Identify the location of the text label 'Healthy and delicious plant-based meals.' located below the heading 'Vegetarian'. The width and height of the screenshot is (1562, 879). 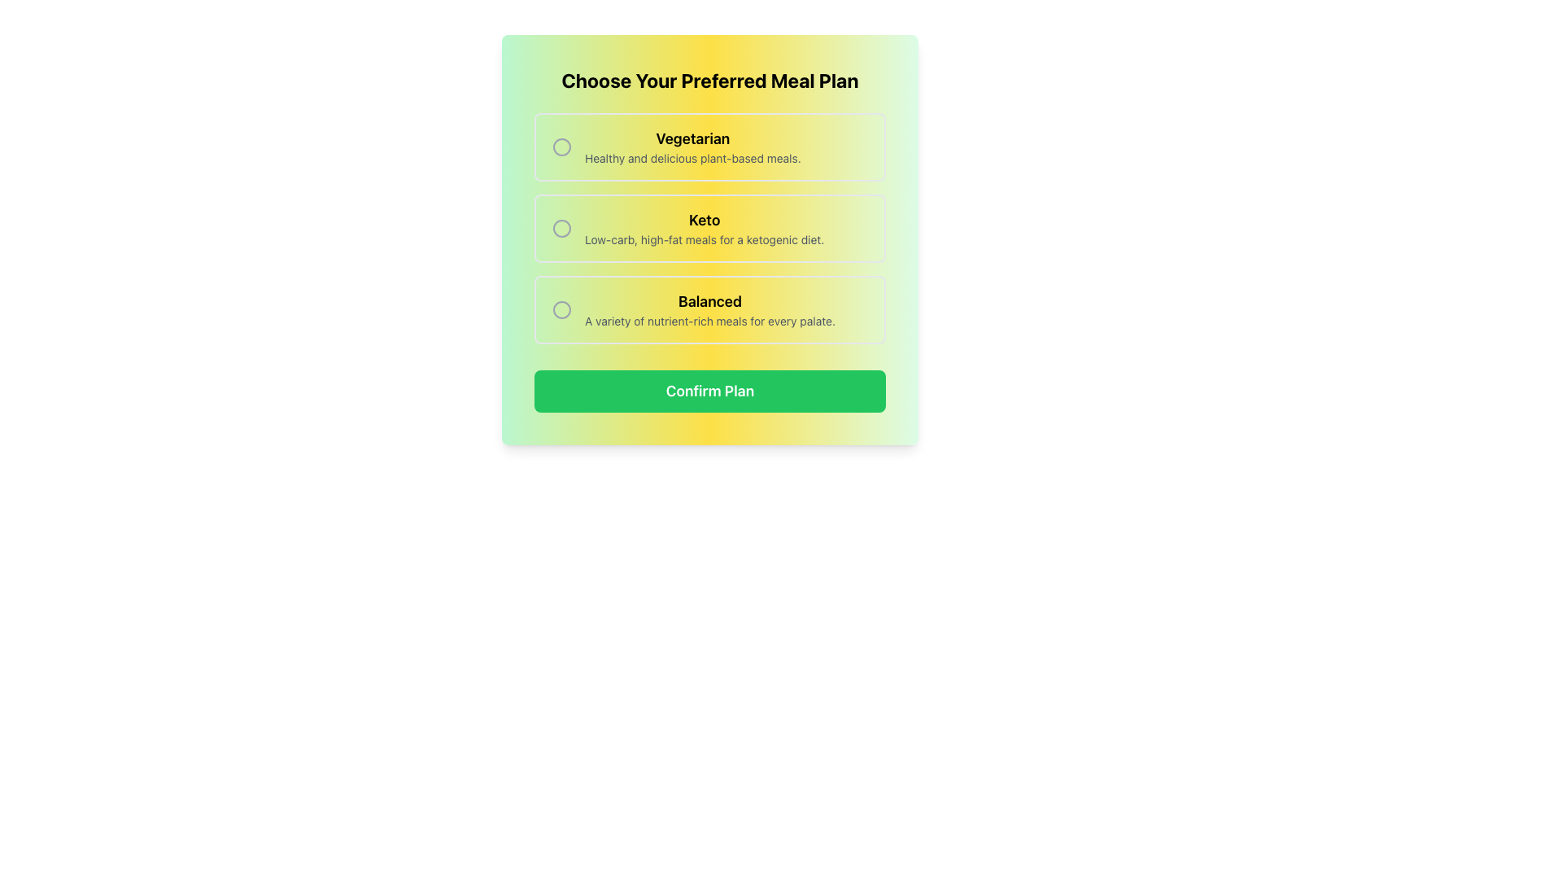
(692, 159).